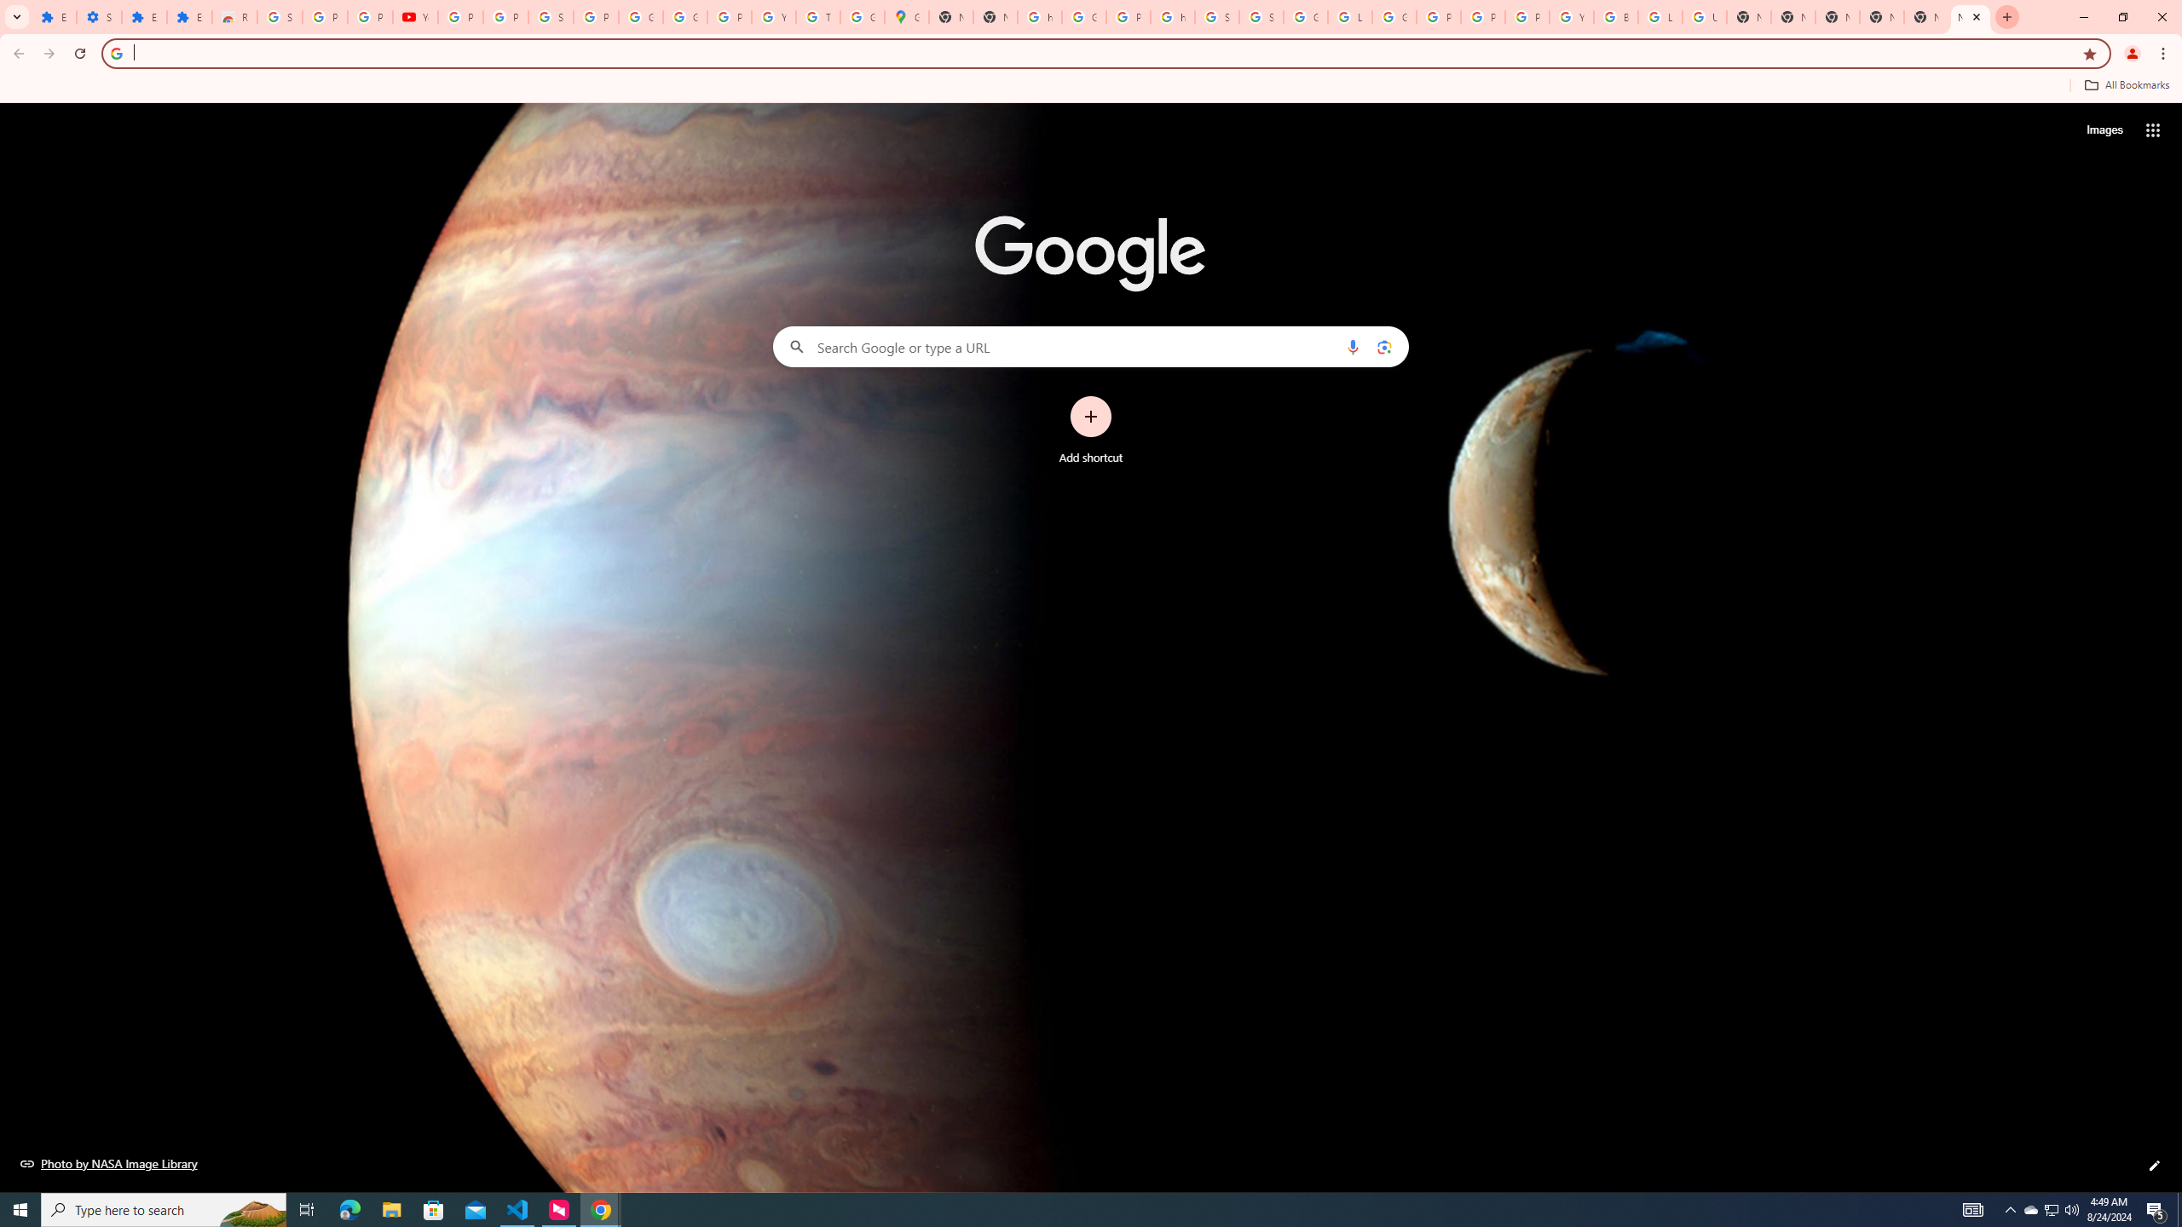 This screenshot has height=1227, width=2182. What do you see at coordinates (414, 16) in the screenshot?
I see `'YouTube'` at bounding box center [414, 16].